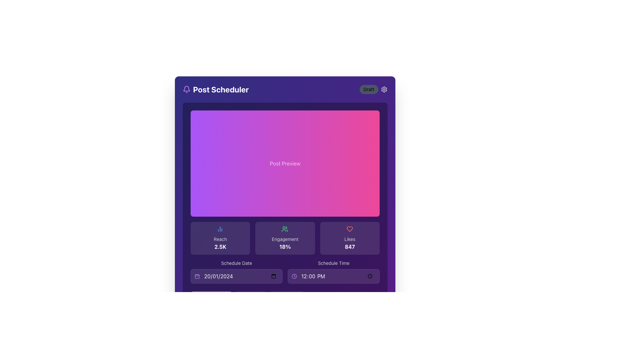  What do you see at coordinates (197, 276) in the screenshot?
I see `the calendar icon with a purple outline` at bounding box center [197, 276].